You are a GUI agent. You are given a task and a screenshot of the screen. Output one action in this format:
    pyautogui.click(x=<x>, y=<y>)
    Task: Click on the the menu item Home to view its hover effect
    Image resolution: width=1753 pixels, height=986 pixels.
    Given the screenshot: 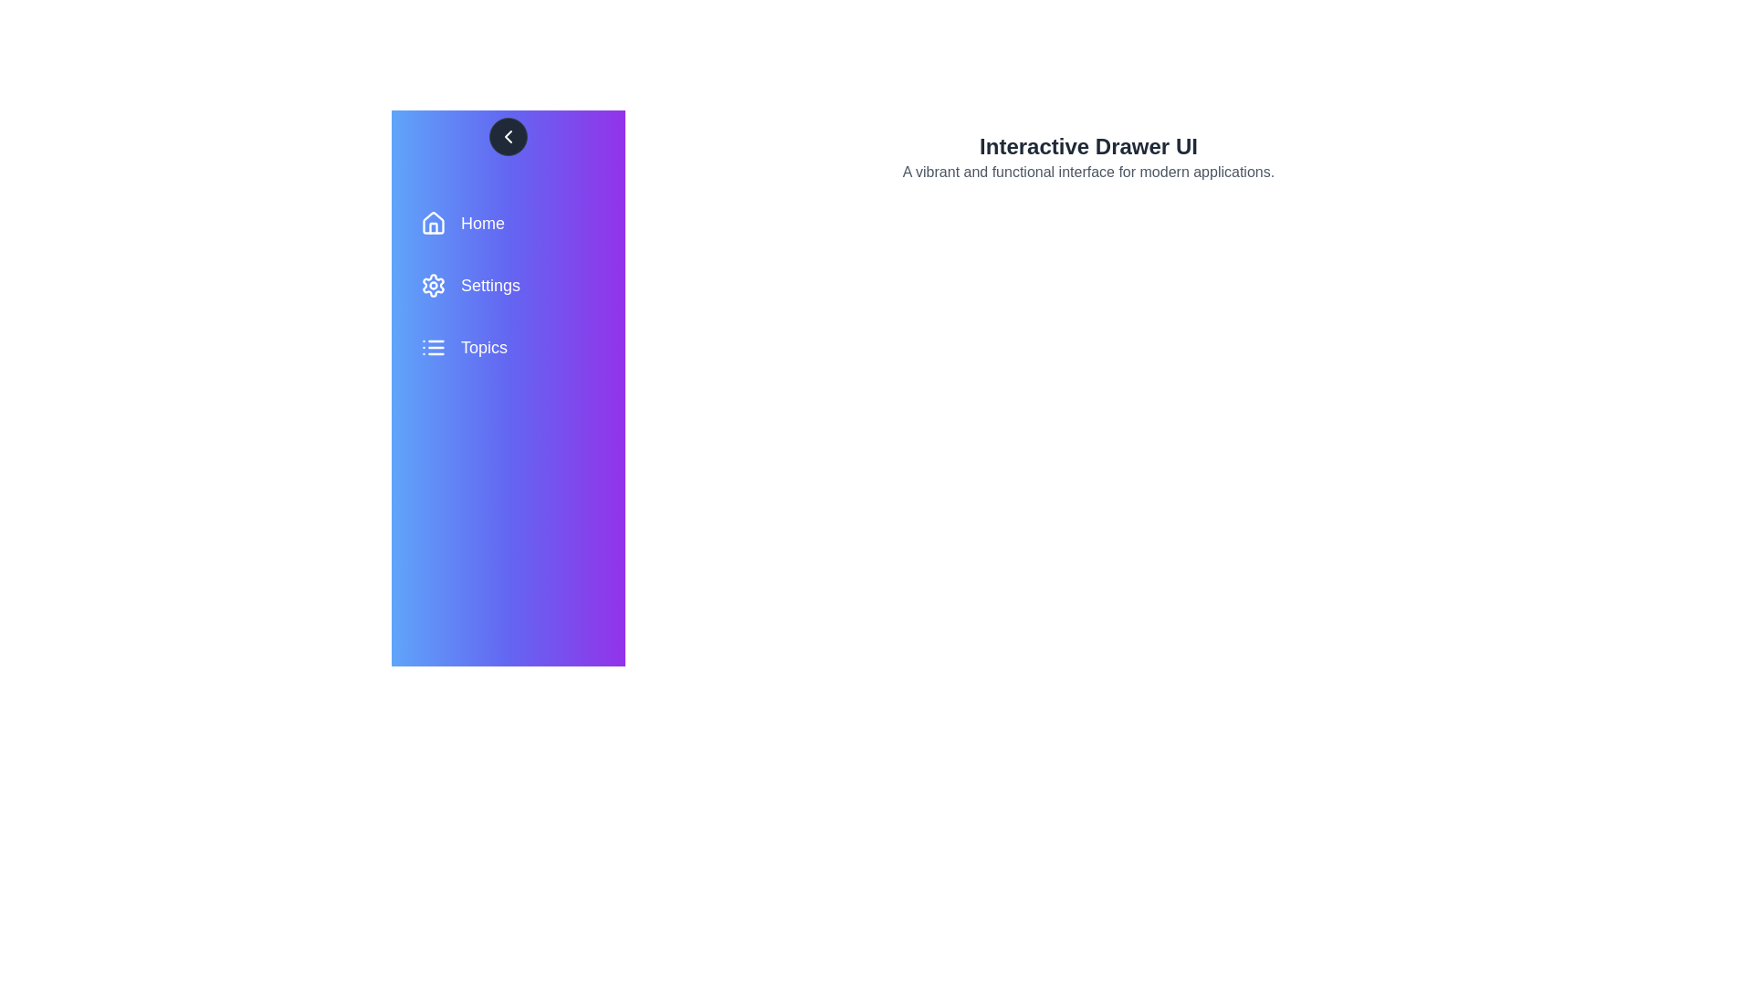 What is the action you would take?
    pyautogui.click(x=508, y=223)
    